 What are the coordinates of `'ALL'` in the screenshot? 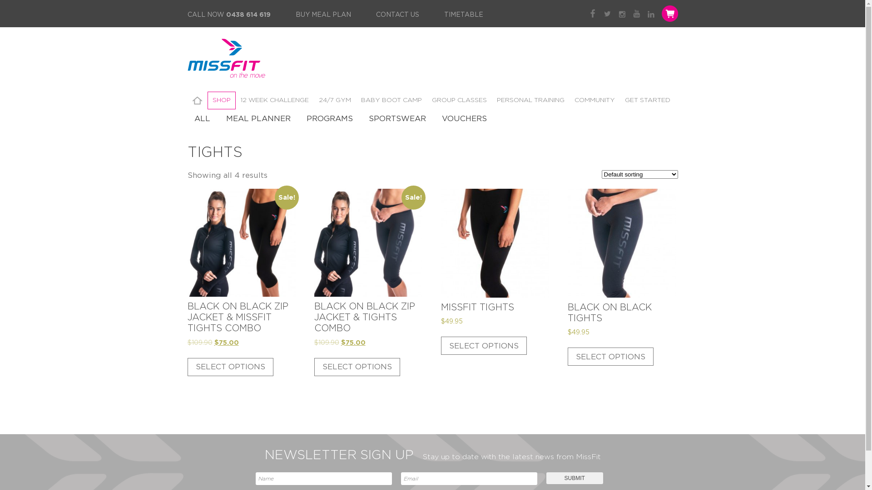 It's located at (201, 118).